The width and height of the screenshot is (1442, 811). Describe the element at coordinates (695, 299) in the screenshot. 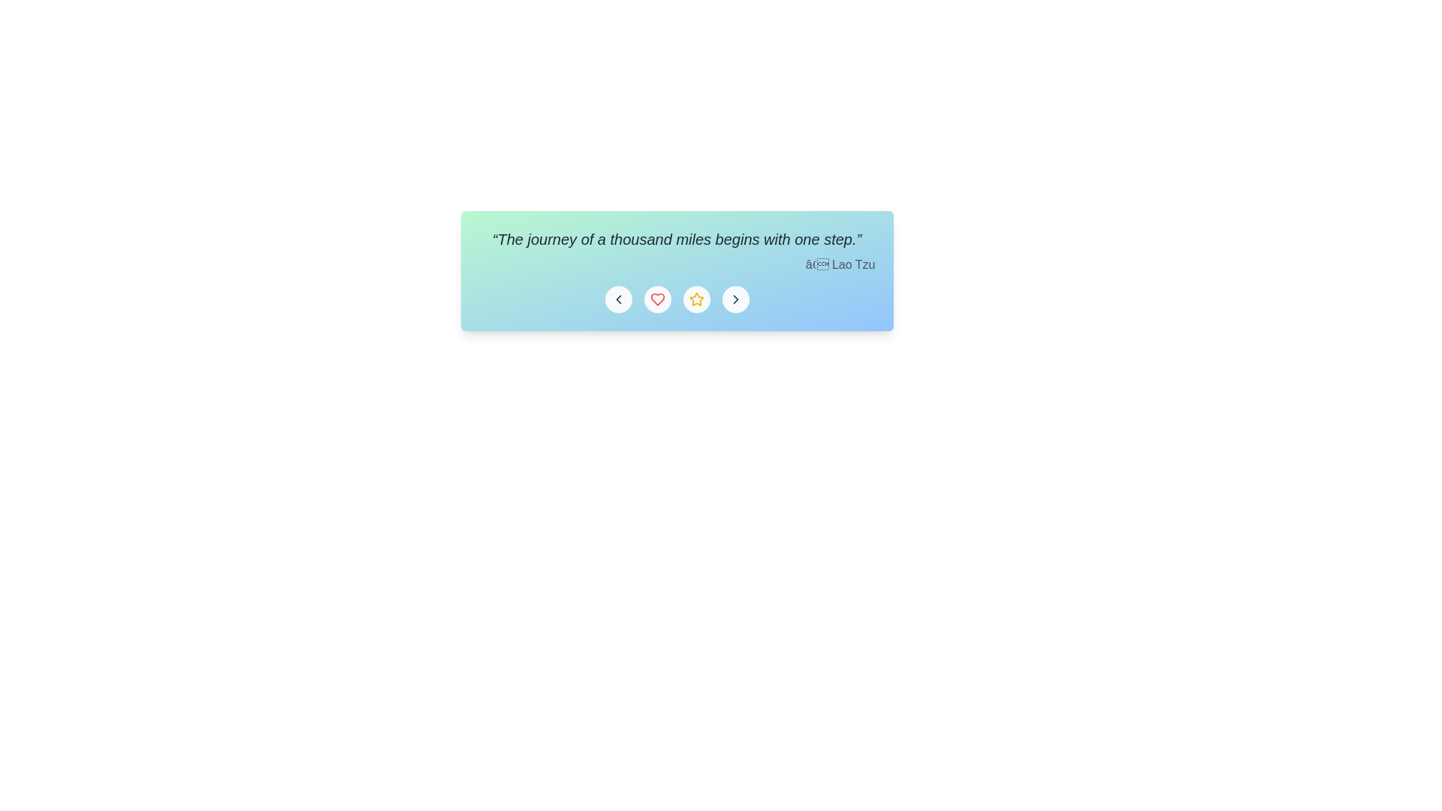

I see `the yellow five-pointed star icon located centrally at the bottom of the interface` at that location.